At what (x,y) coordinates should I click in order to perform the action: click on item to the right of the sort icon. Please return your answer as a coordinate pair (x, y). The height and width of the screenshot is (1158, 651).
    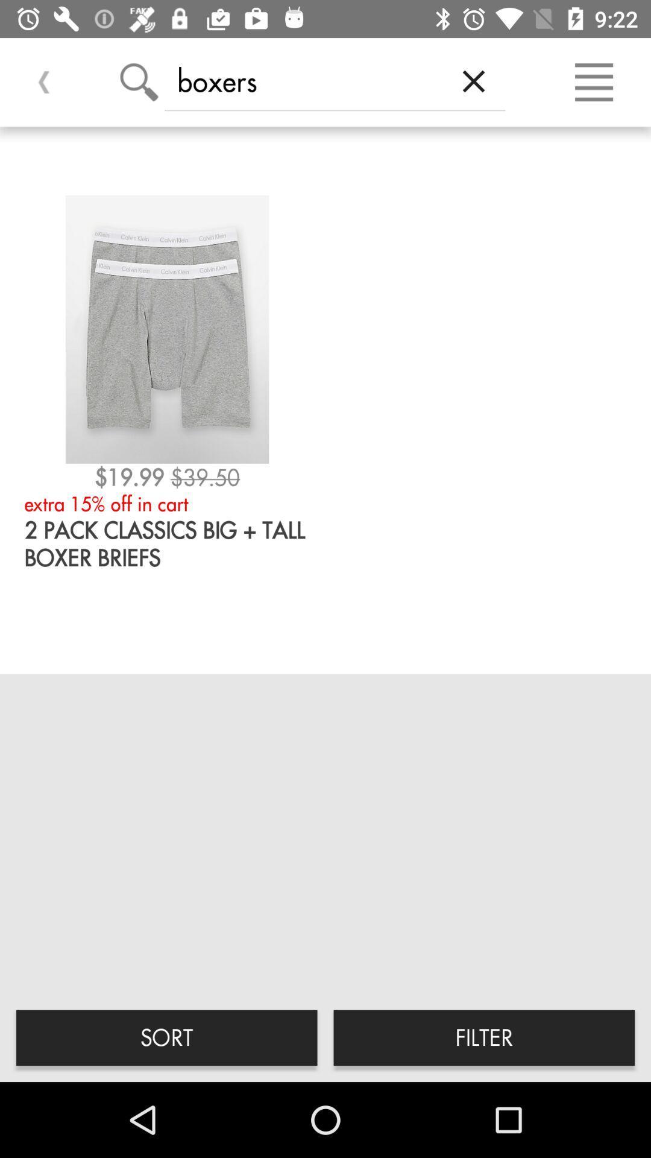
    Looking at the image, I should click on (483, 1037).